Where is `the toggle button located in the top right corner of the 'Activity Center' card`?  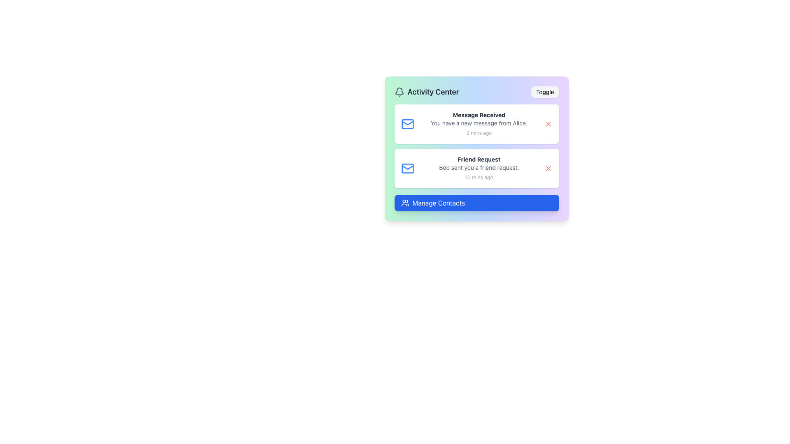
the toggle button located in the top right corner of the 'Activity Center' card is located at coordinates (545, 92).